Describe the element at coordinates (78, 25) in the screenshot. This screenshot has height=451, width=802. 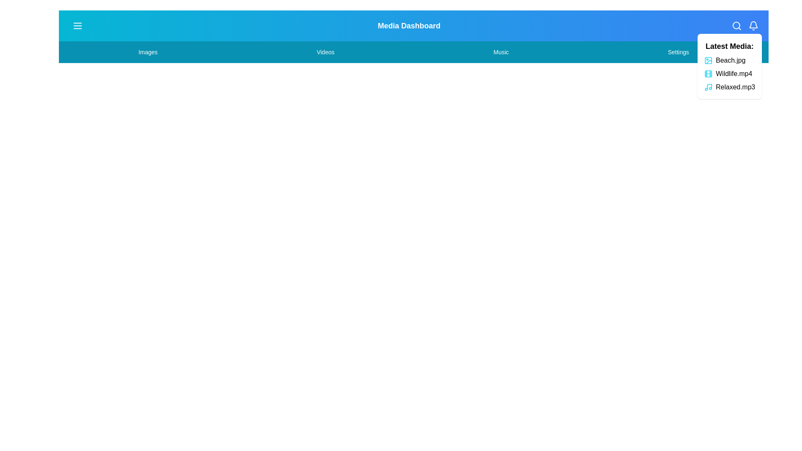
I see `menu button to toggle the menu visibility` at that location.